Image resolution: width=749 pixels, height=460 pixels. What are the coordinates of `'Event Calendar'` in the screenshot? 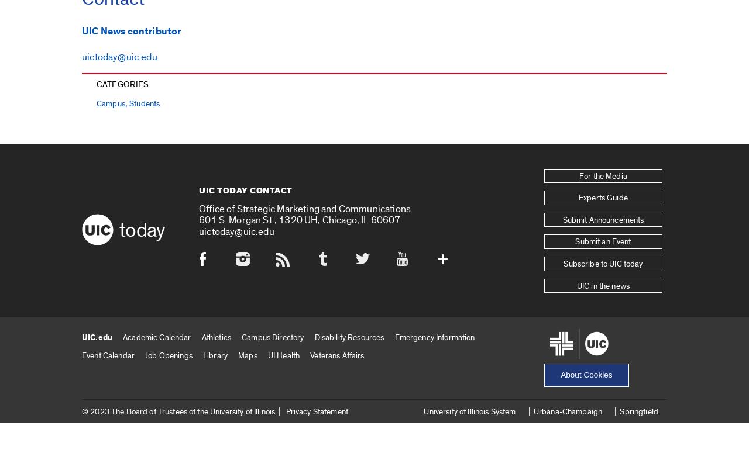 It's located at (81, 355).